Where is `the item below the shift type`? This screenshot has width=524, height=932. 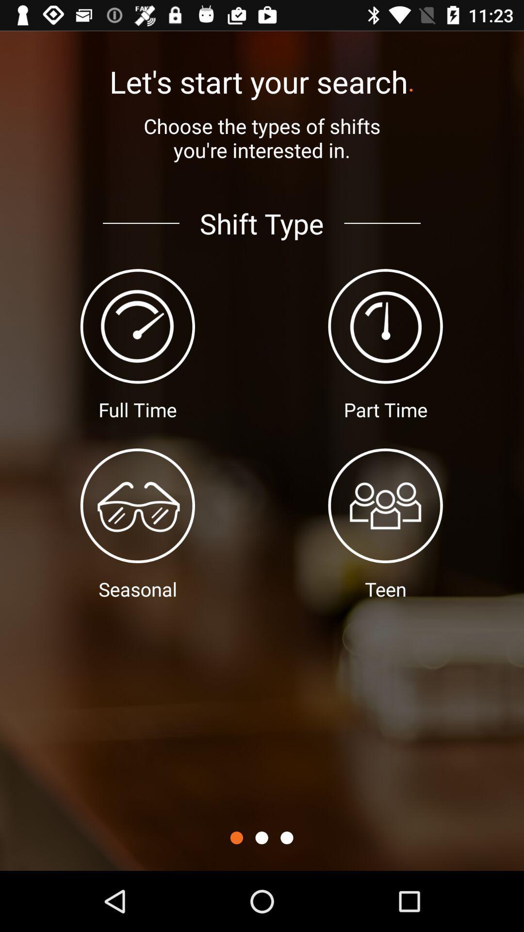
the item below the shift type is located at coordinates (286, 837).